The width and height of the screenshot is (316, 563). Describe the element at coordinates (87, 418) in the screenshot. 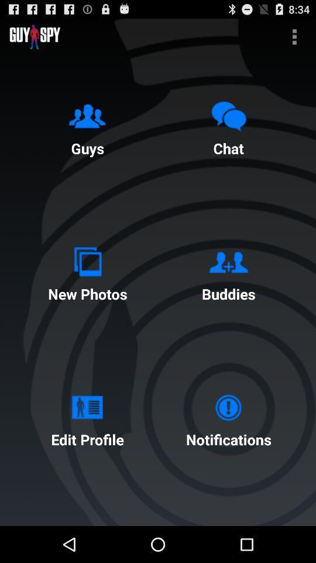

I see `icon at the bottom left corner` at that location.